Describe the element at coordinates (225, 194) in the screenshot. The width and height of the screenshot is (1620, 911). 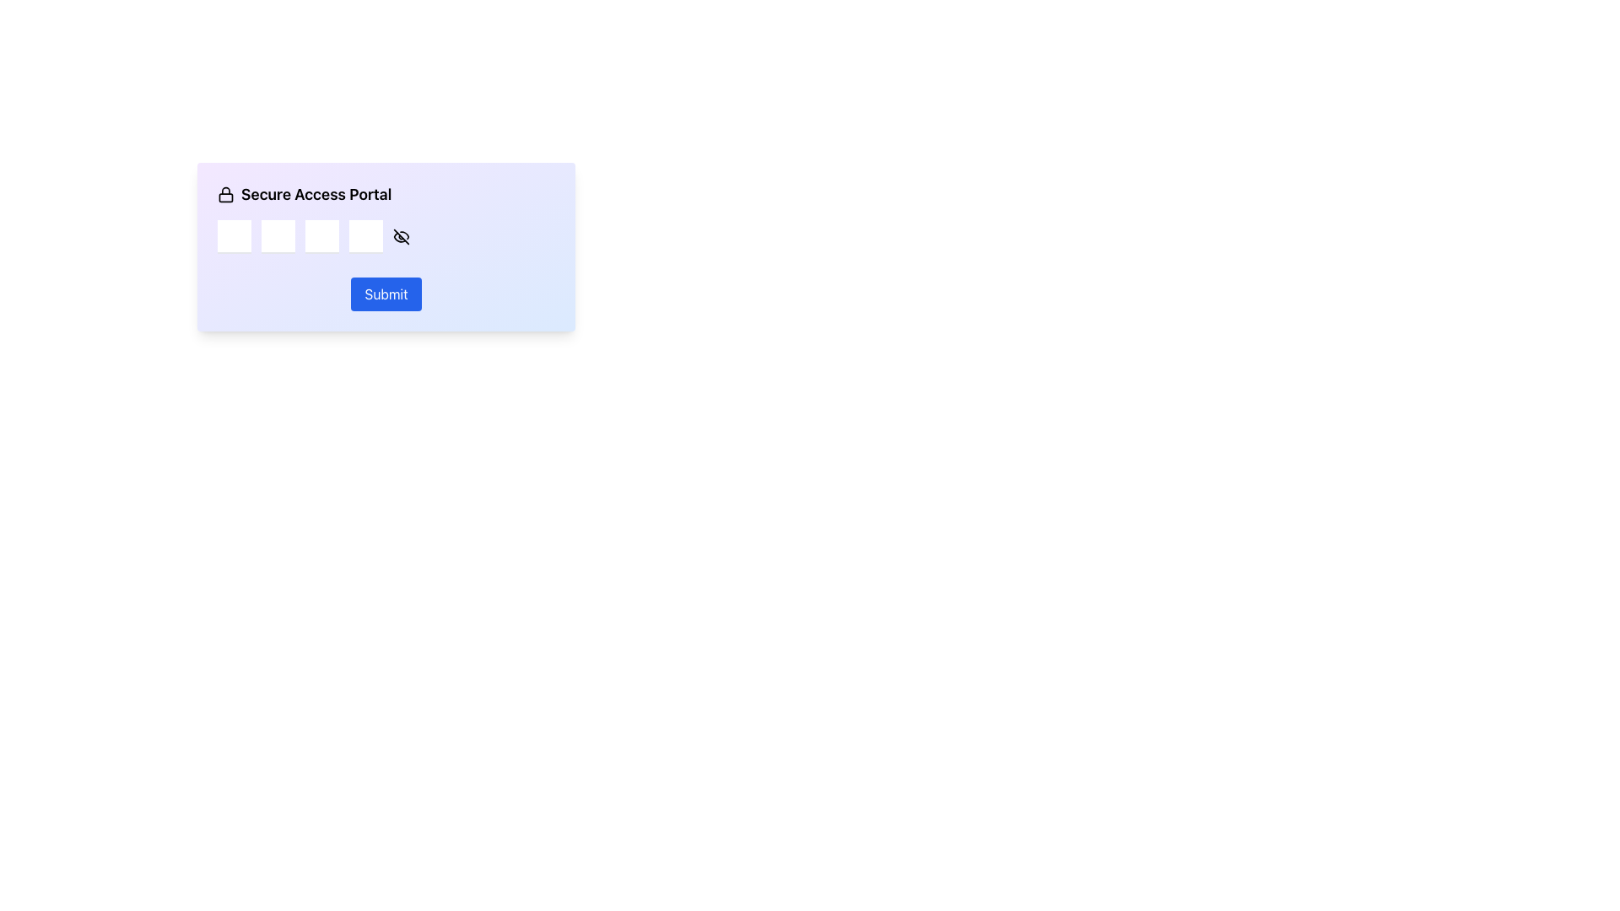
I see `the lock icon that signifies the secure nature of the 'Access Portal', located to the left of the text in the heading section` at that location.